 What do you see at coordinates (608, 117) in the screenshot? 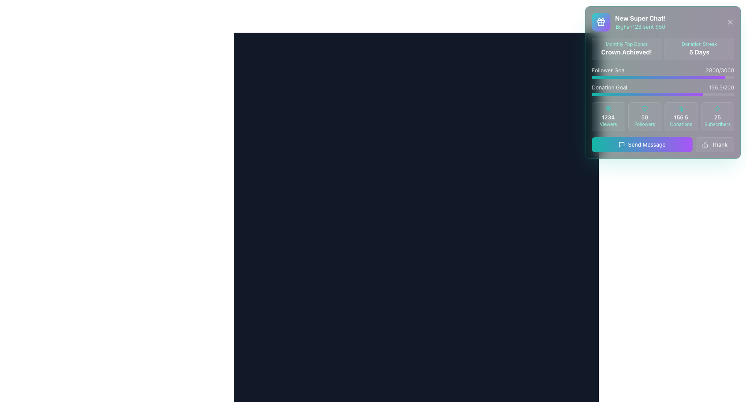
I see `the text display showing the number of viewers, which is located directly below the viewer icon and above the text 'viewers' in the bottom right corner of the metrics pop-up card` at bounding box center [608, 117].